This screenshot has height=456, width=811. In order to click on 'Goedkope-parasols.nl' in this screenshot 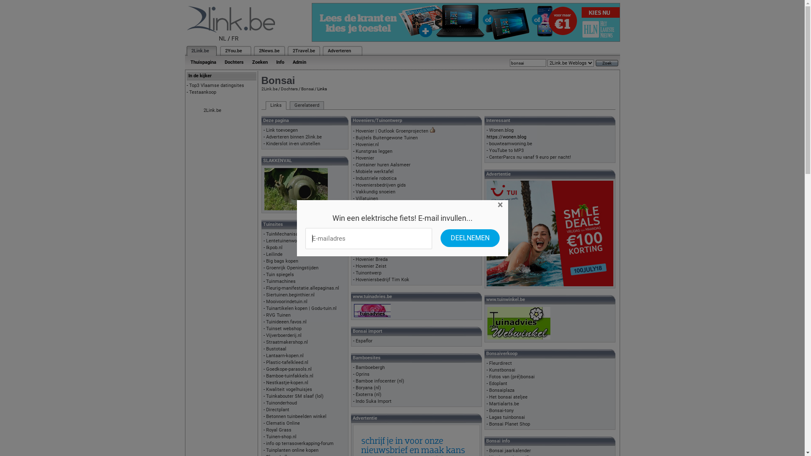, I will do `click(289, 369)`.